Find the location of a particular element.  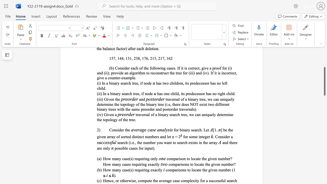

the scrollbar and move up 50 pixels is located at coordinates (324, 81).